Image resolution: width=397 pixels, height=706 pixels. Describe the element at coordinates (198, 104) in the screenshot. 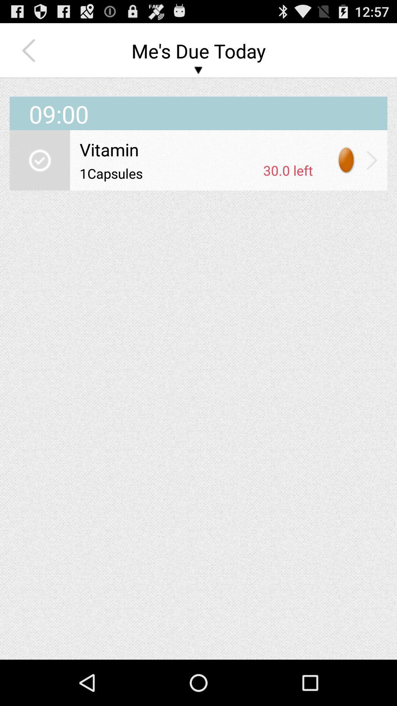

I see `09:00 item` at that location.